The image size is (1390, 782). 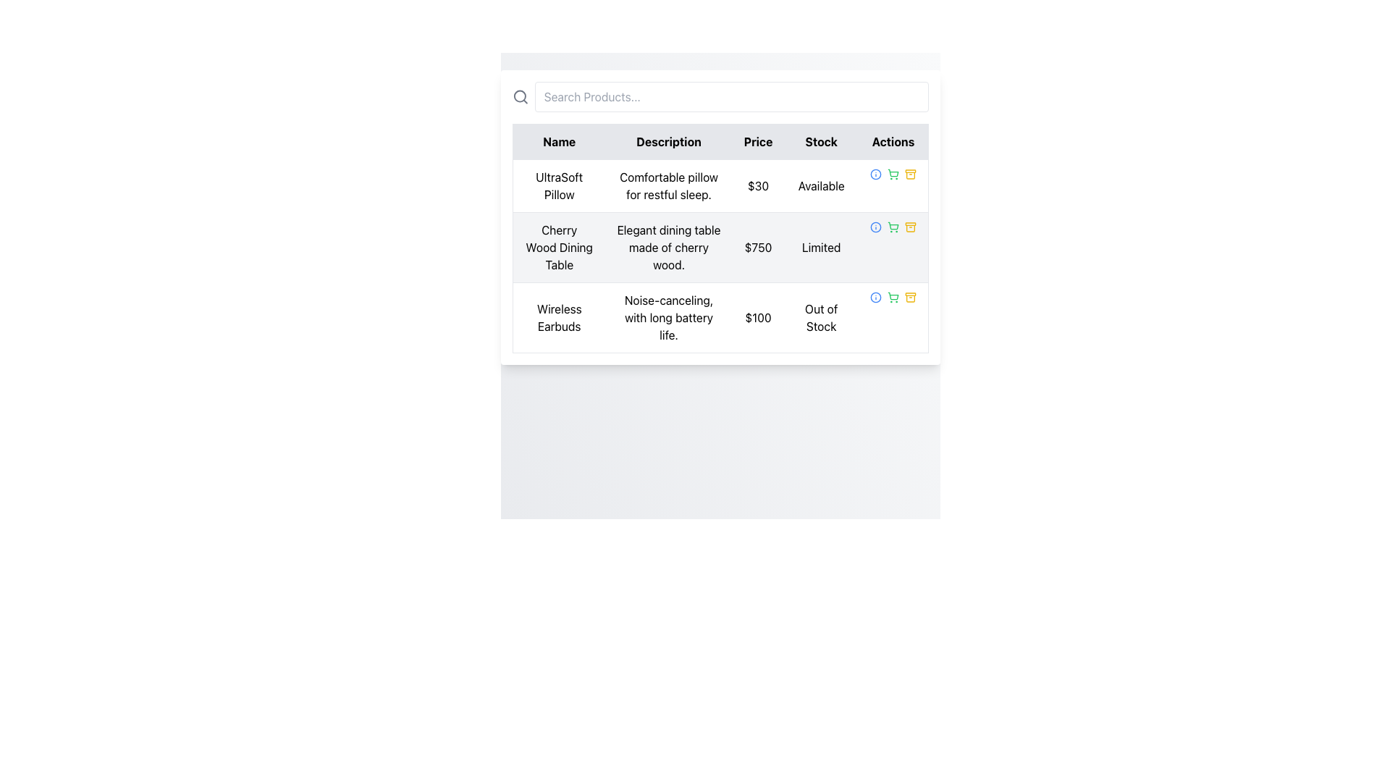 What do you see at coordinates (821, 247) in the screenshot?
I see `the text label displaying 'Limited' in black font located in the 'Stock' column of the second row for the 'Cherry Wood Dining Table' product entry` at bounding box center [821, 247].